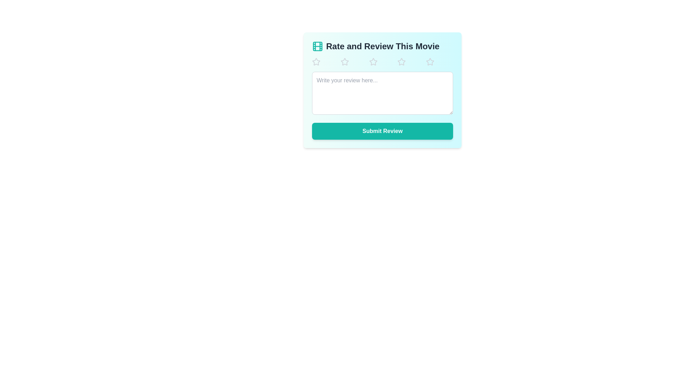 The image size is (677, 380). What do you see at coordinates (325, 62) in the screenshot?
I see `the star corresponding to 1 to set the movie rating` at bounding box center [325, 62].